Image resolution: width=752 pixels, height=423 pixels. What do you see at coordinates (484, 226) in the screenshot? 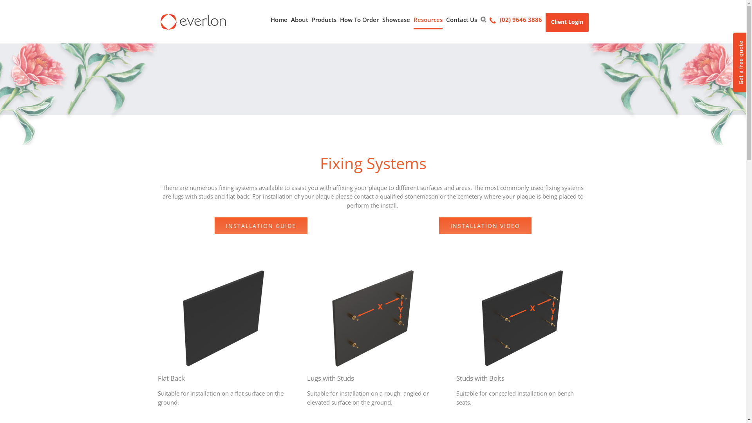
I see `'INSTALLATION VIDEO'` at bounding box center [484, 226].